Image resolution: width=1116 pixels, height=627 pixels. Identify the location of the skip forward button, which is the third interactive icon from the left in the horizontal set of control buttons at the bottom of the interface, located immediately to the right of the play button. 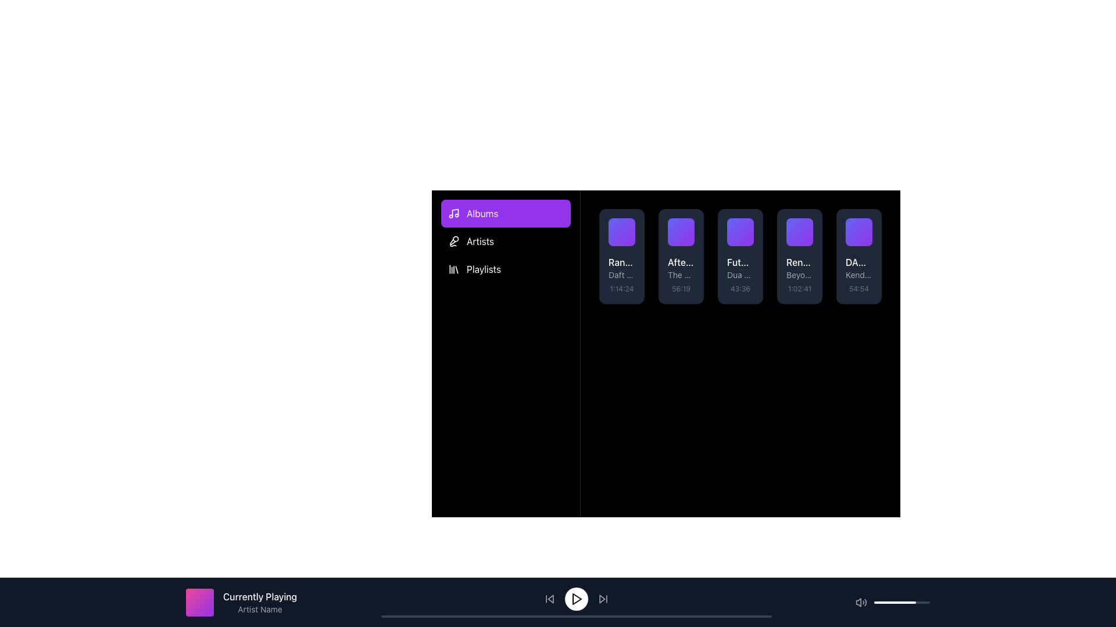
(603, 599).